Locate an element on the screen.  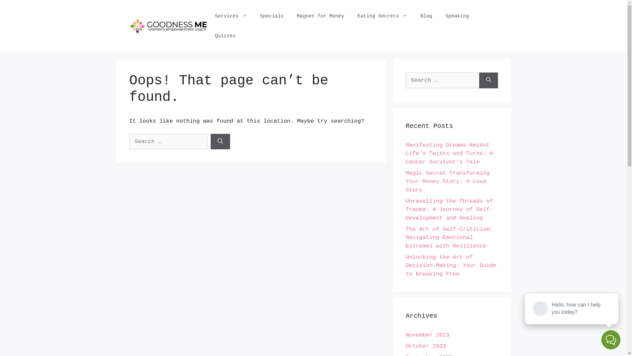
'Speaking' is located at coordinates (439, 16).